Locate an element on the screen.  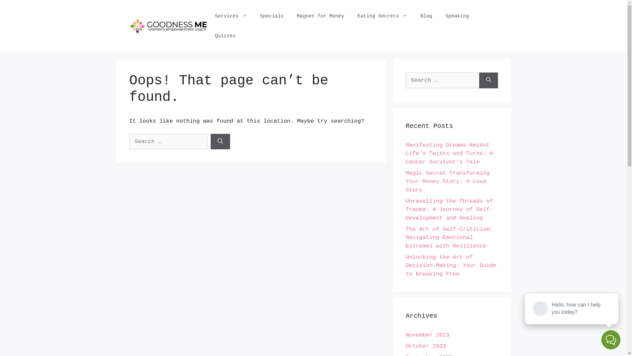
'Speaking' is located at coordinates (439, 16).